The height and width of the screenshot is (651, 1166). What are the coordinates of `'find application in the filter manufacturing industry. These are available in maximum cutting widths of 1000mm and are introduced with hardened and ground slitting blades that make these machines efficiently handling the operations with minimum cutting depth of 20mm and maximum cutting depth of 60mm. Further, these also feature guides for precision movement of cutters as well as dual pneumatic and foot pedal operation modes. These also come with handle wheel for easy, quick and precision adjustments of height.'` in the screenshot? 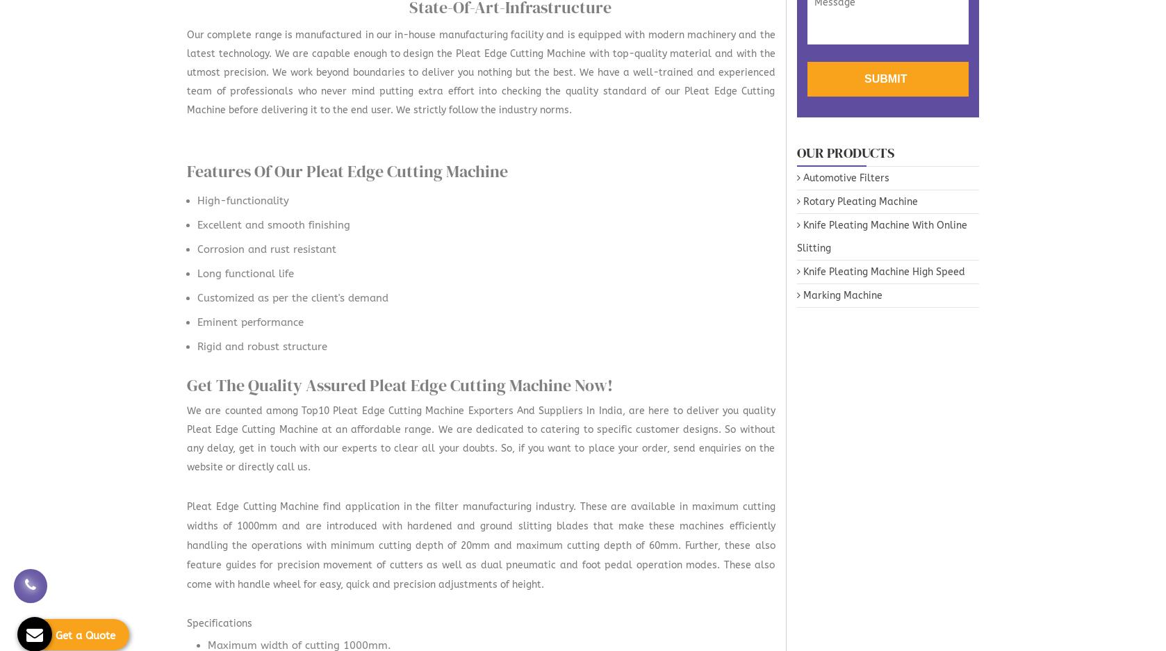 It's located at (480, 545).